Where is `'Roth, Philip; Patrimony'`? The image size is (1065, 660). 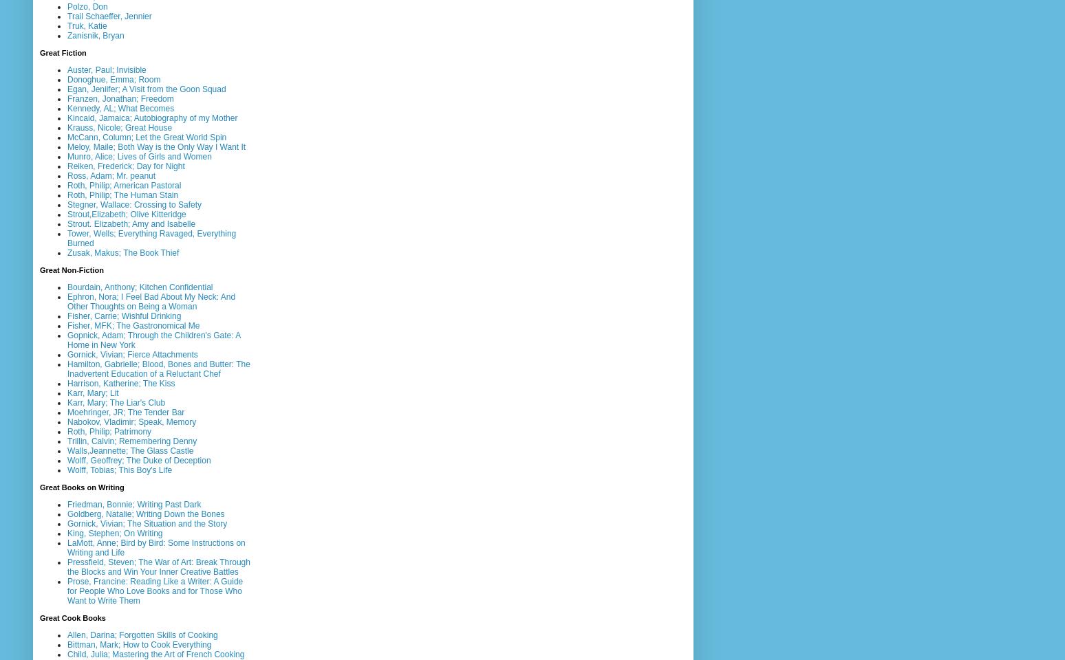 'Roth, Philip; Patrimony' is located at coordinates (66, 430).